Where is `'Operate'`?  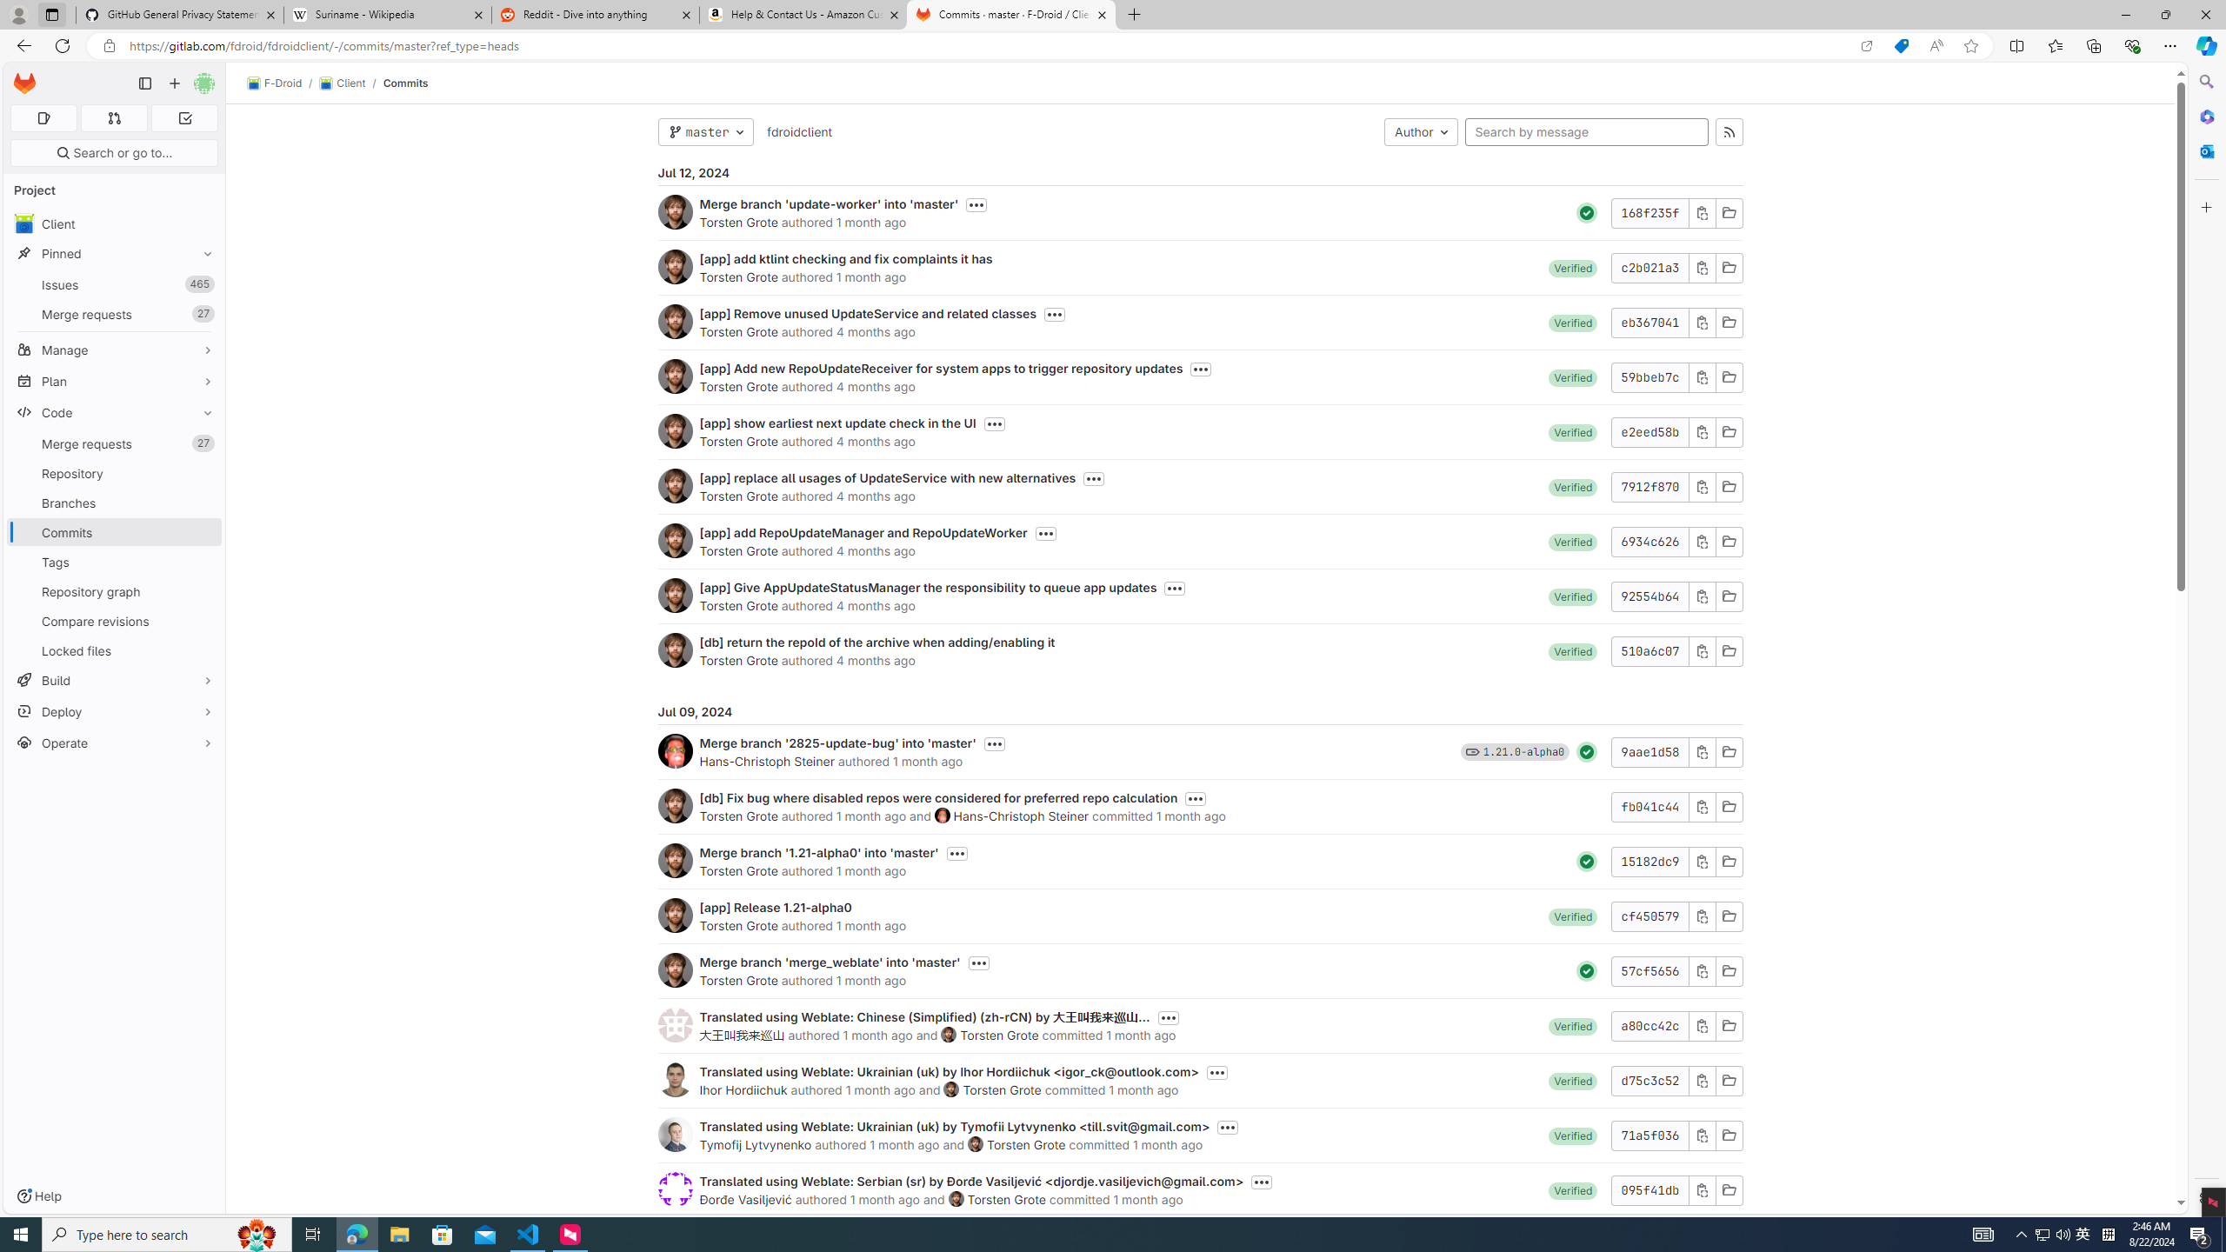 'Operate' is located at coordinates (113, 743).